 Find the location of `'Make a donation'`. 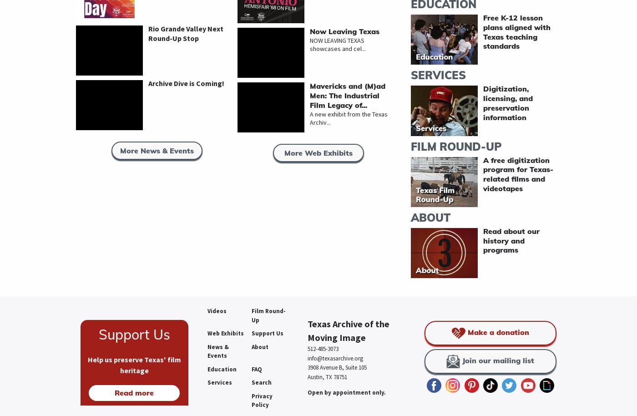

'Make a donation' is located at coordinates (497, 332).